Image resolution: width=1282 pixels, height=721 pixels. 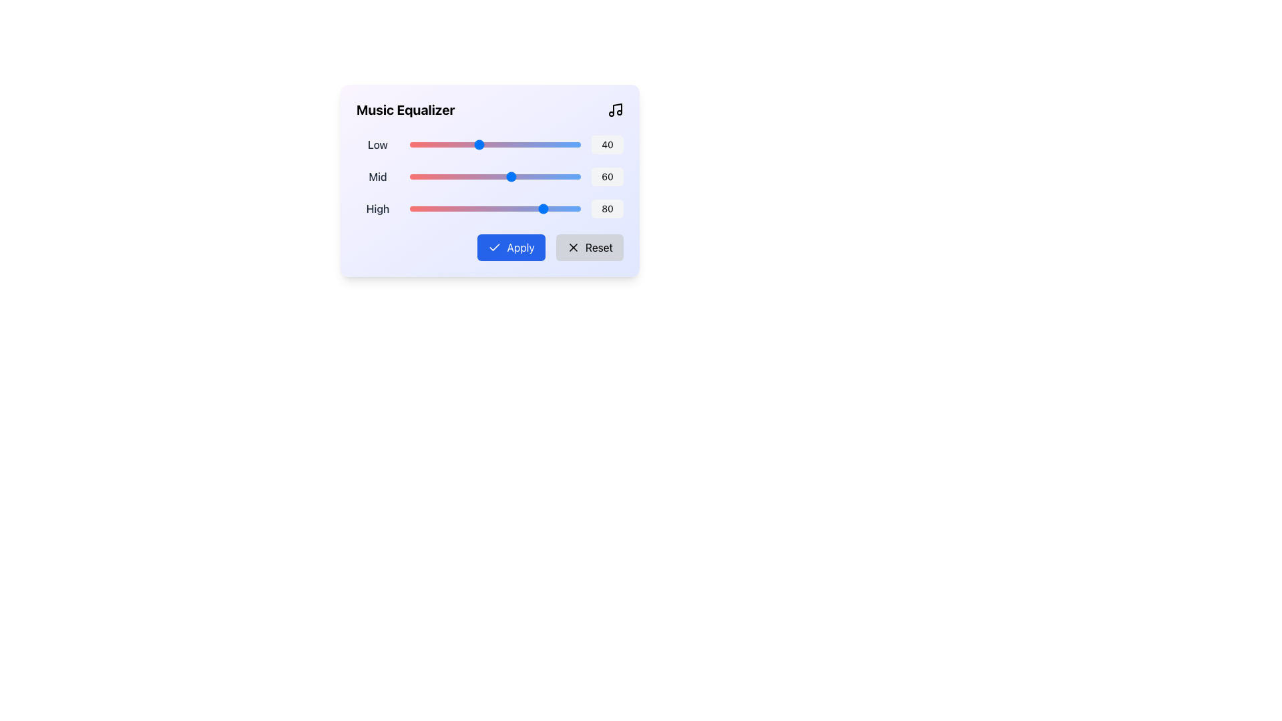 I want to click on the 'High' audio frequency, so click(x=557, y=208).